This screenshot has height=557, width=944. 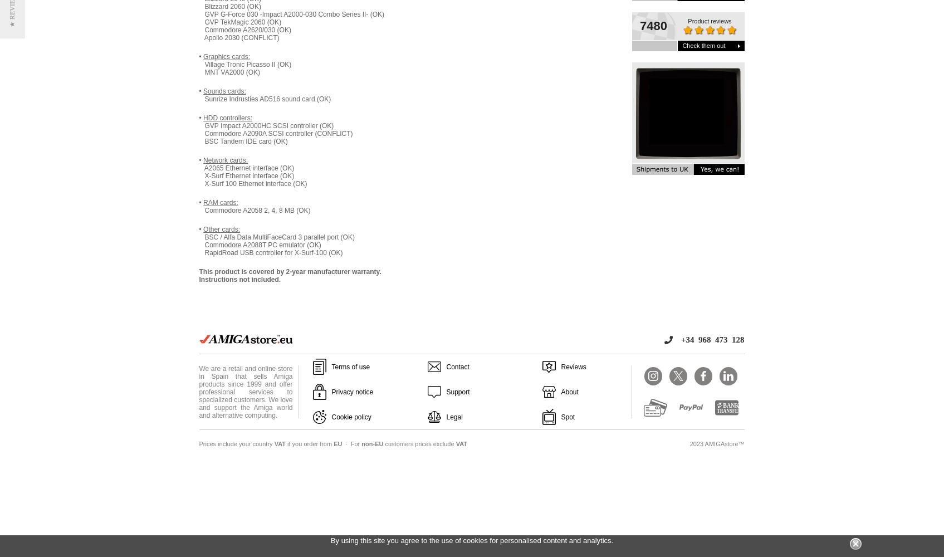 I want to click on 'Check them out', so click(x=703, y=45).